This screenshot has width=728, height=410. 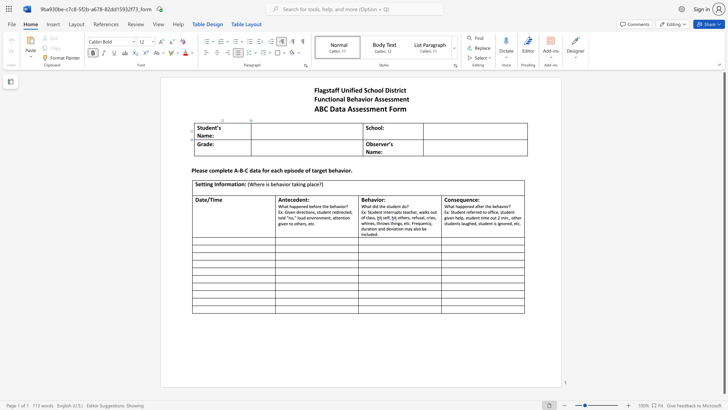 What do you see at coordinates (388, 144) in the screenshot?
I see `the 2th character "r" in the text` at bounding box center [388, 144].